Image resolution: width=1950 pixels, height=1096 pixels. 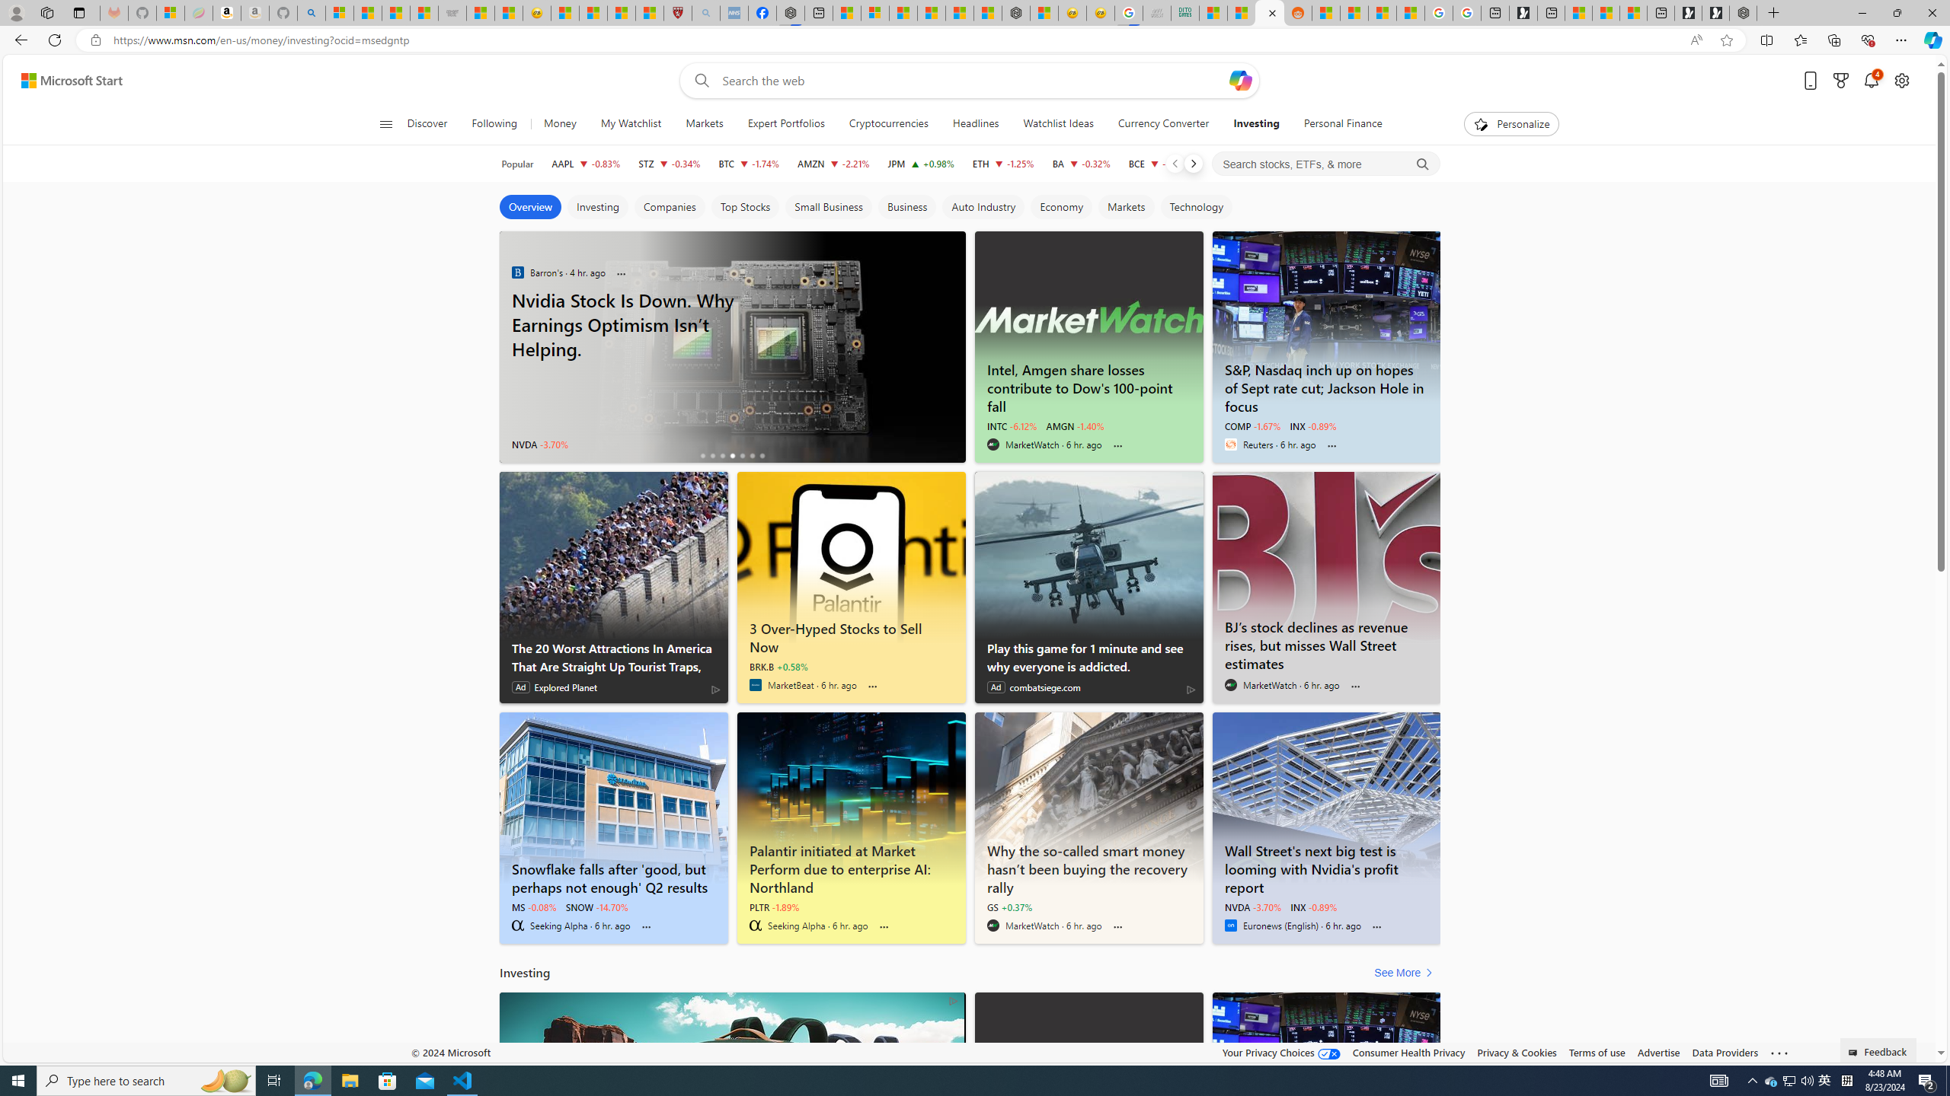 I want to click on 'Following', so click(x=494, y=123).